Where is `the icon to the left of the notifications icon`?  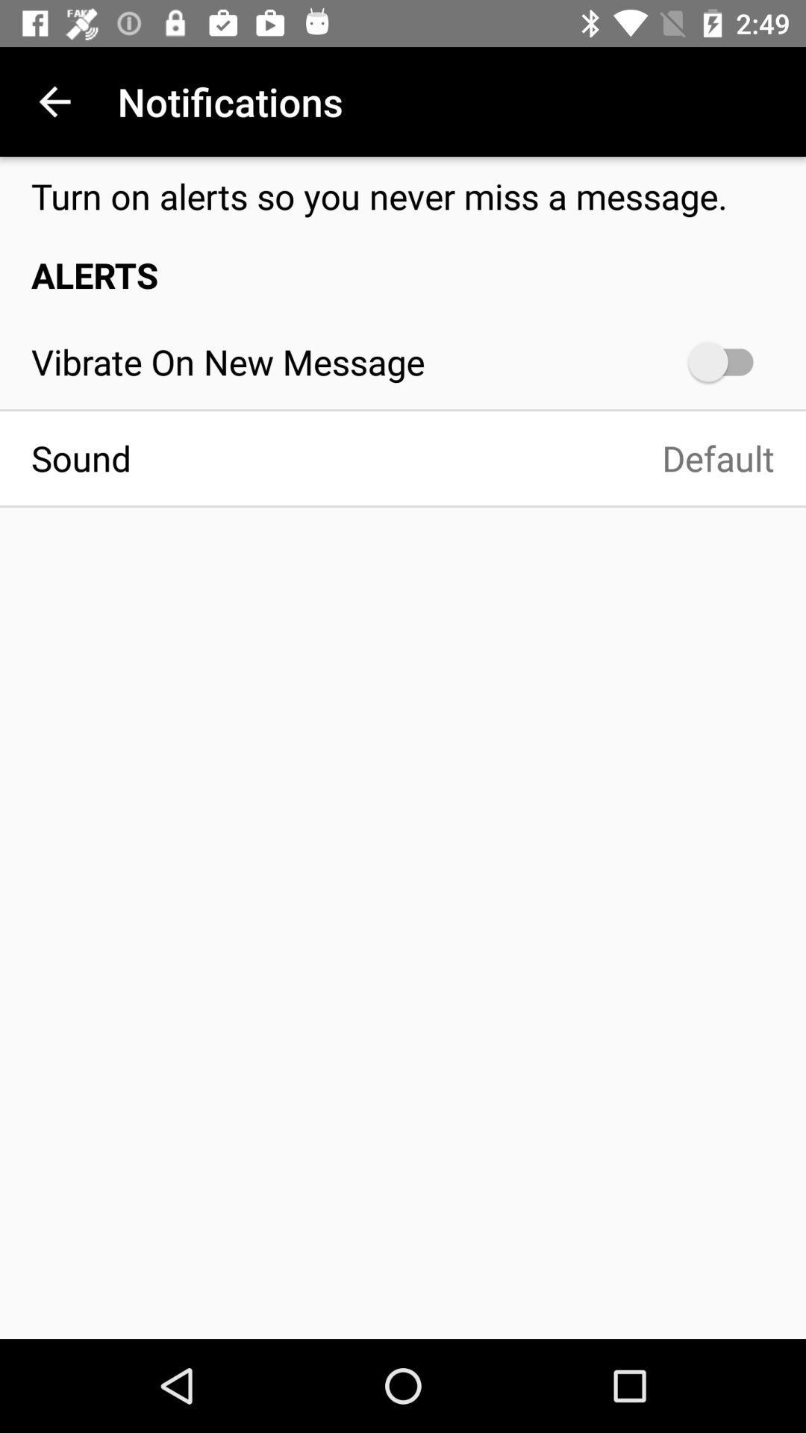 the icon to the left of the notifications icon is located at coordinates (54, 101).